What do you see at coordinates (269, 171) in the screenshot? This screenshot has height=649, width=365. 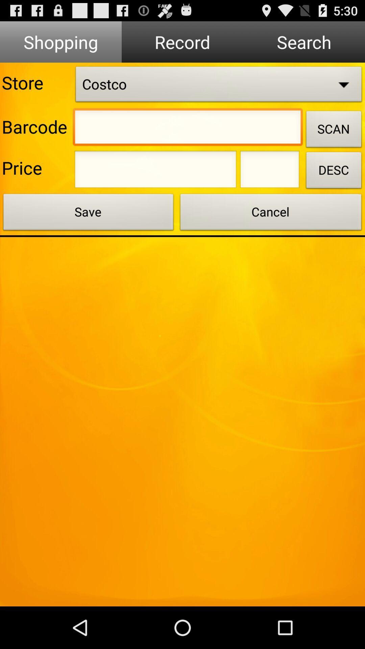 I see `description box` at bounding box center [269, 171].